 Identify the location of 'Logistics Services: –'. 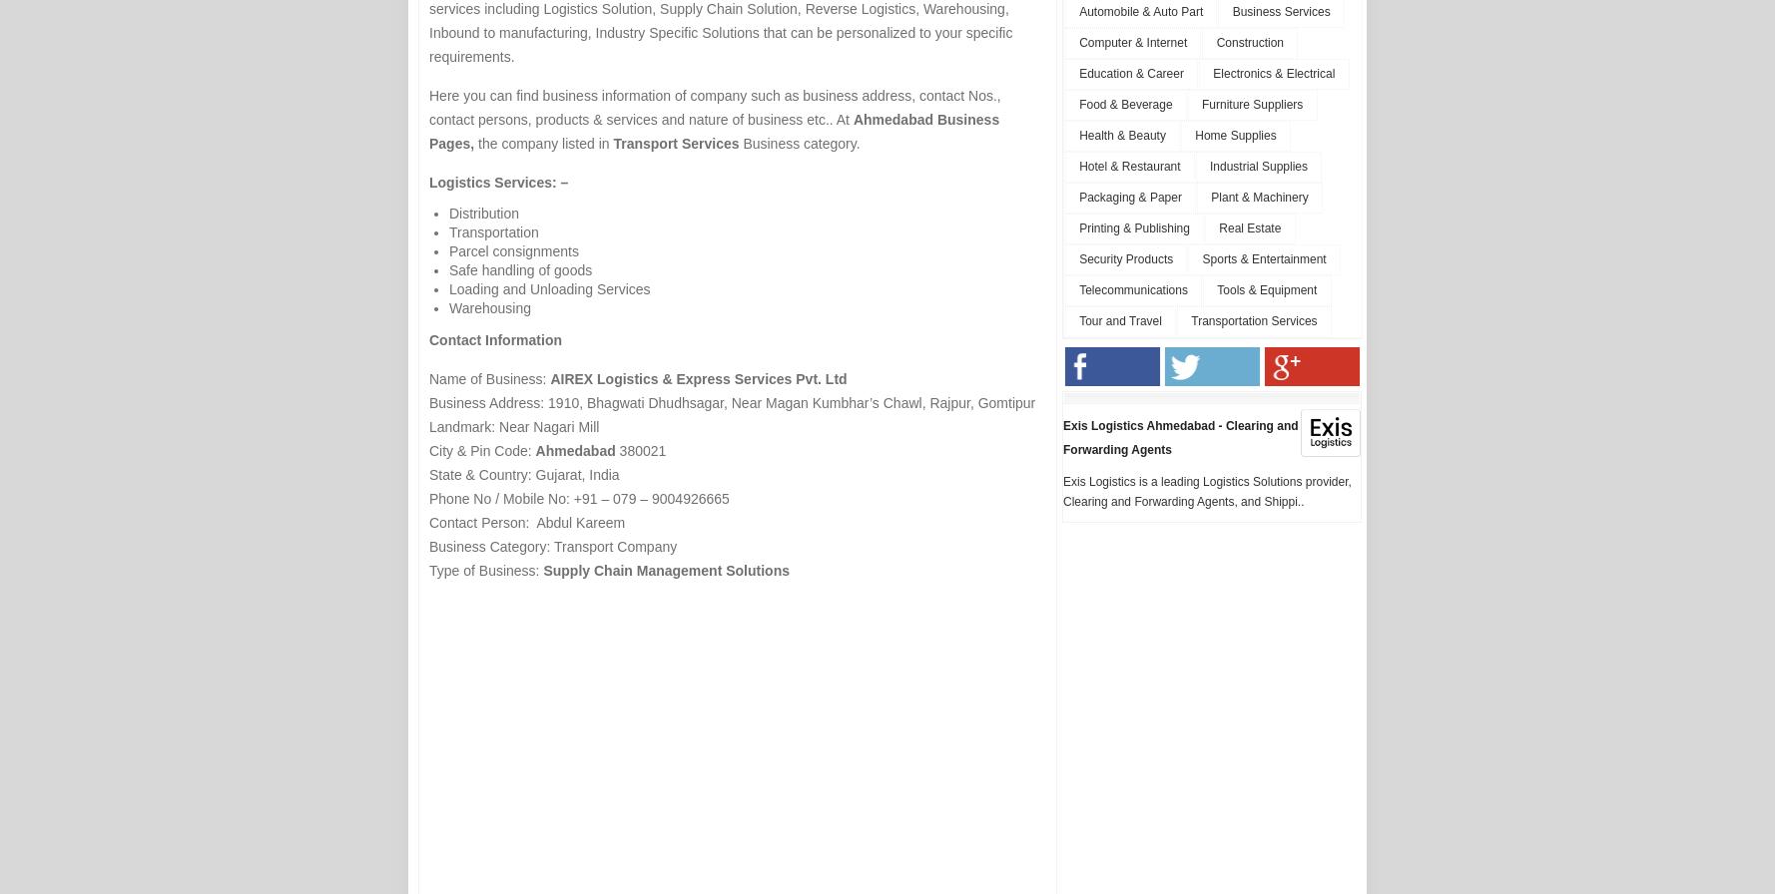
(428, 182).